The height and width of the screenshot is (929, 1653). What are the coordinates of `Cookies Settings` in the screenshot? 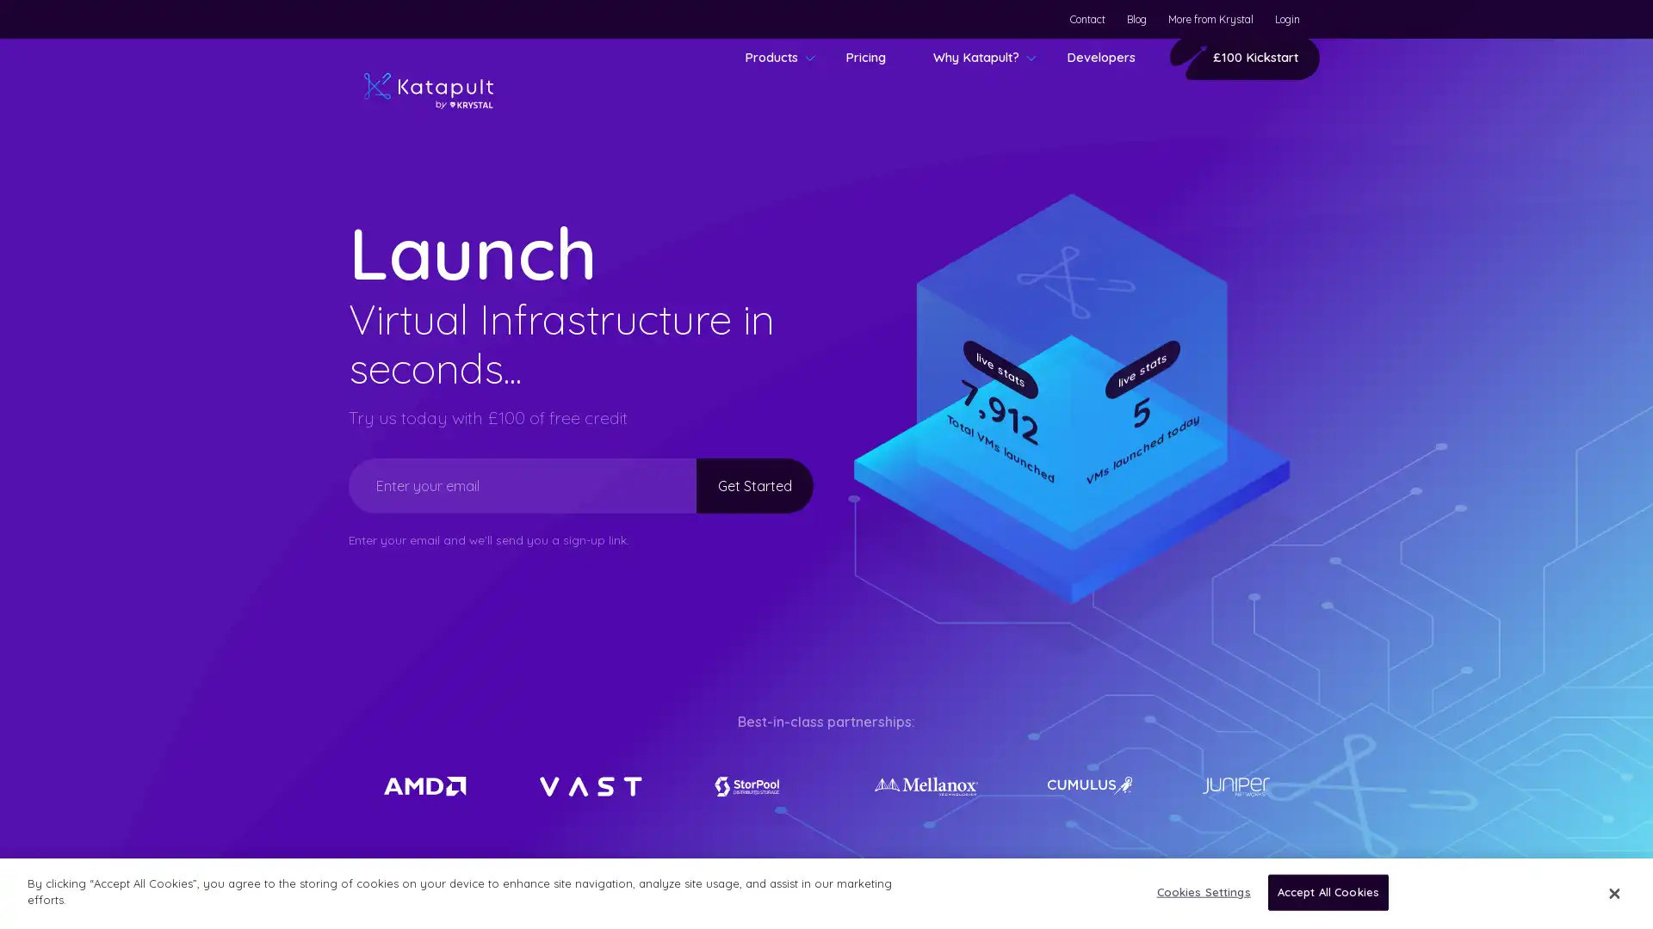 It's located at (1198, 891).